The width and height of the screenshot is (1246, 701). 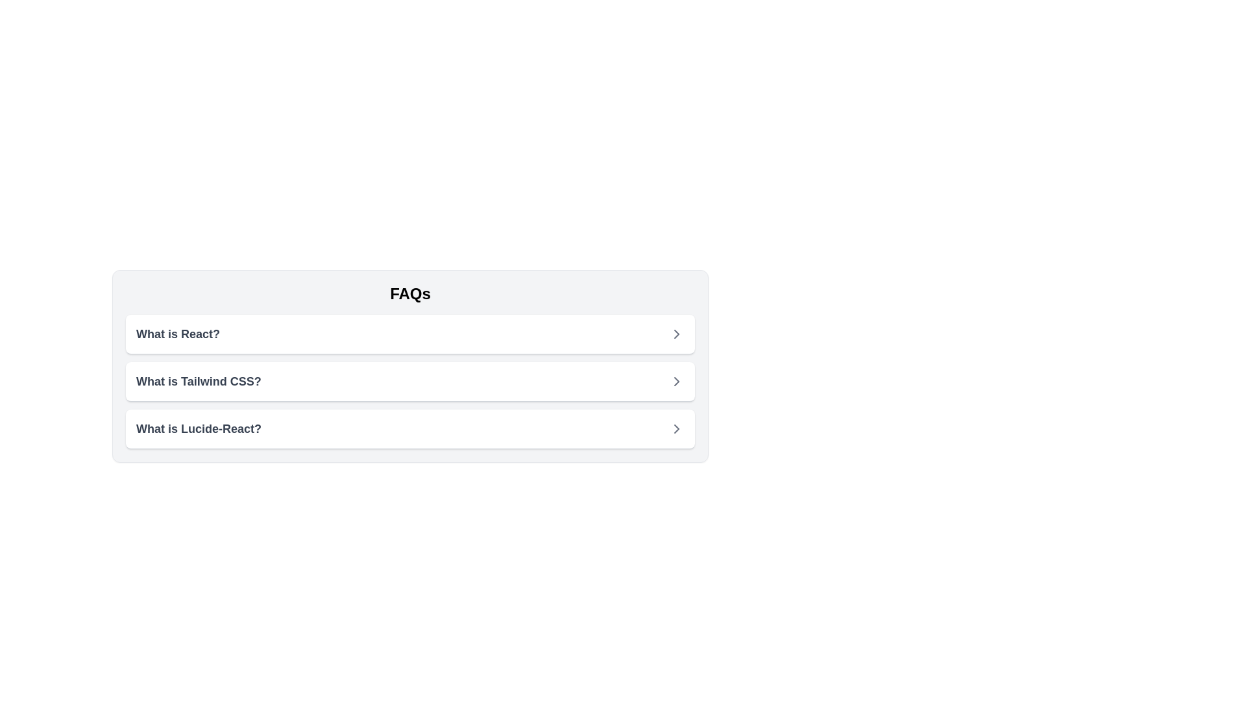 What do you see at coordinates (676, 428) in the screenshot?
I see `the chevron icon located to the far right of the third FAQ entry, 'What is Lucide-React?', to trigger the tooltip or effect` at bounding box center [676, 428].